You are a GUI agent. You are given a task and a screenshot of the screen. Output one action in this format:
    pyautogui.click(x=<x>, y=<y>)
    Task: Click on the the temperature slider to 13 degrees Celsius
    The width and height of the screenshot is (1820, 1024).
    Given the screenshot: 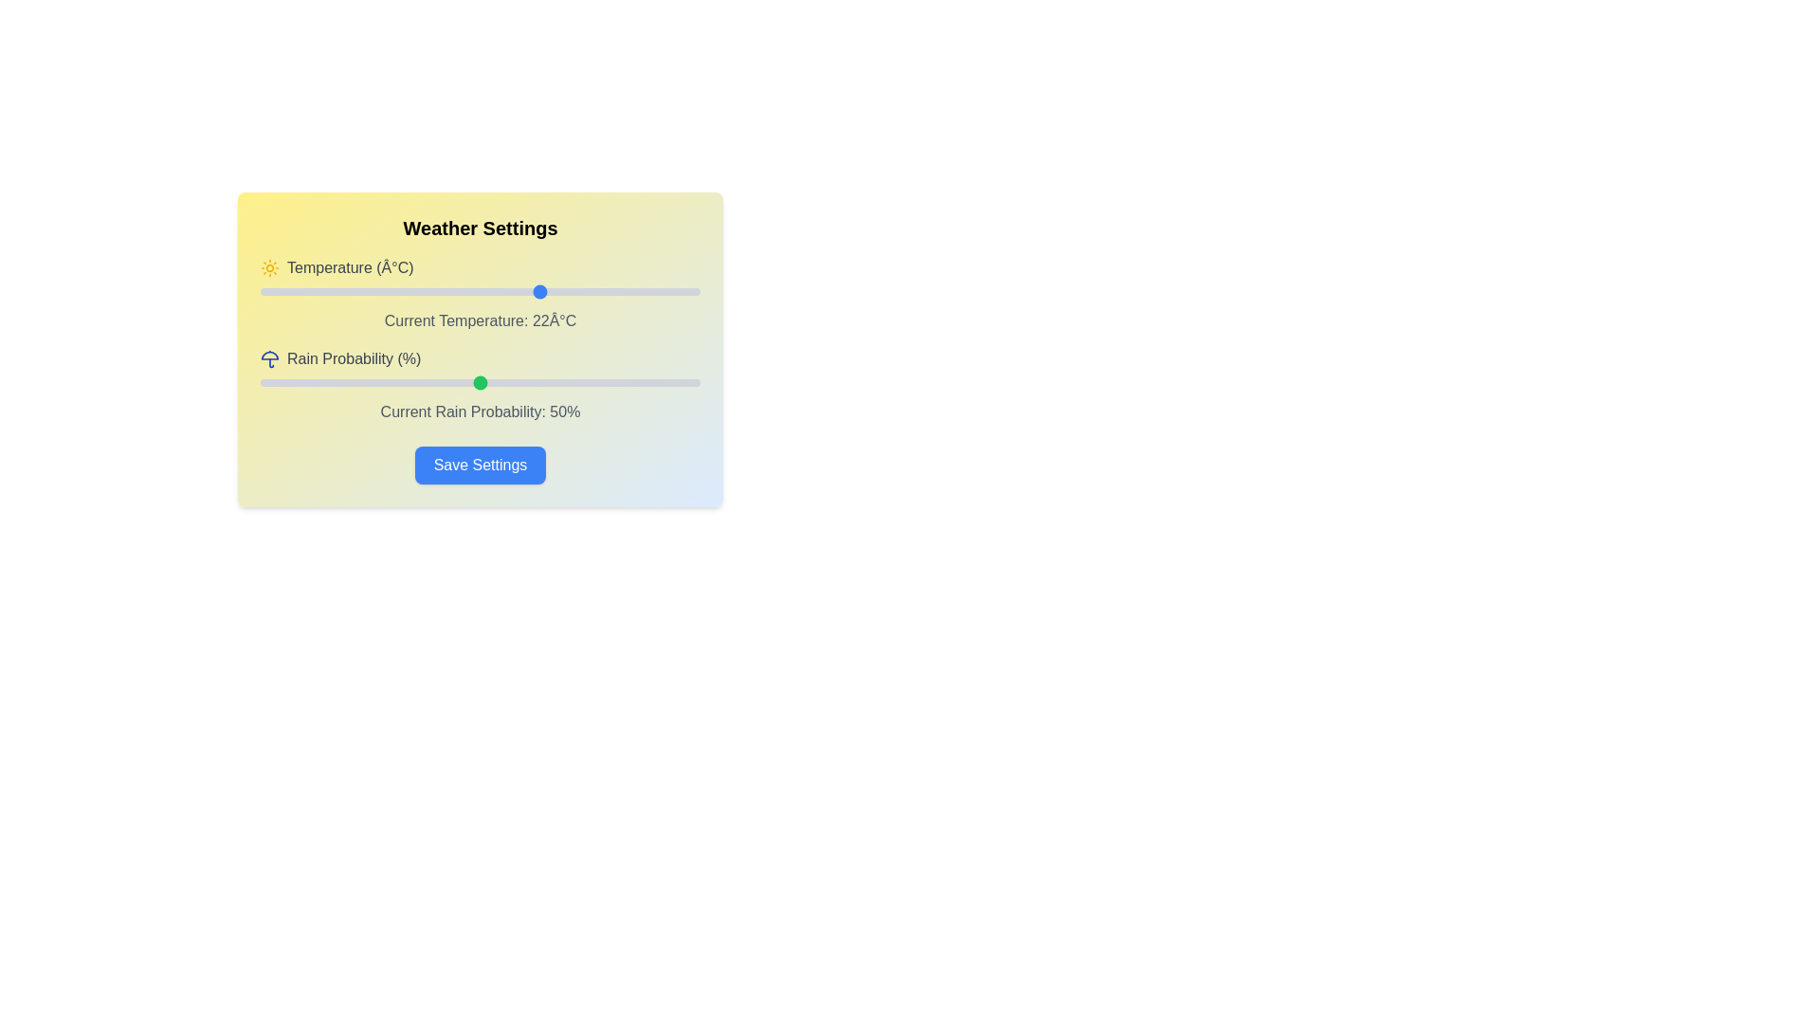 What is the action you would take?
    pyautogui.click(x=463, y=292)
    